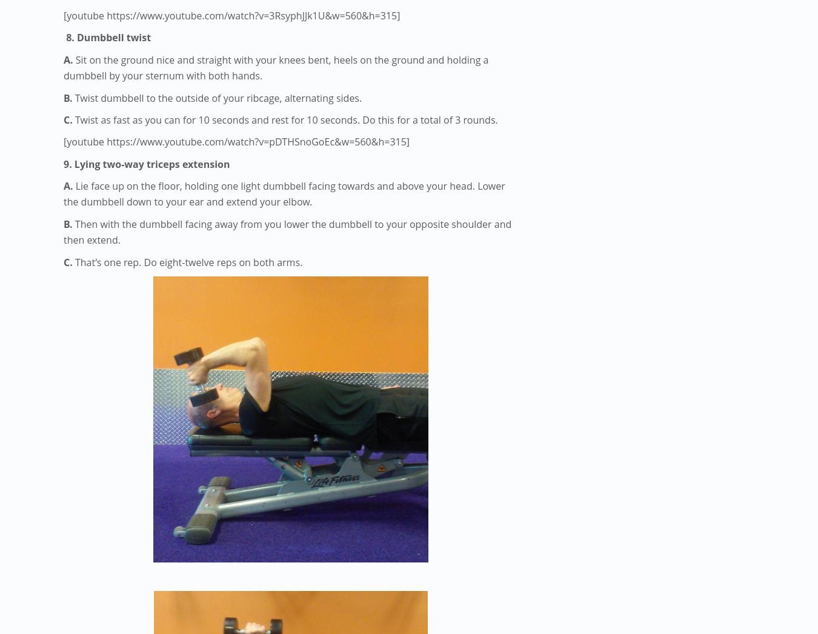  I want to click on '8.', so click(70, 38).